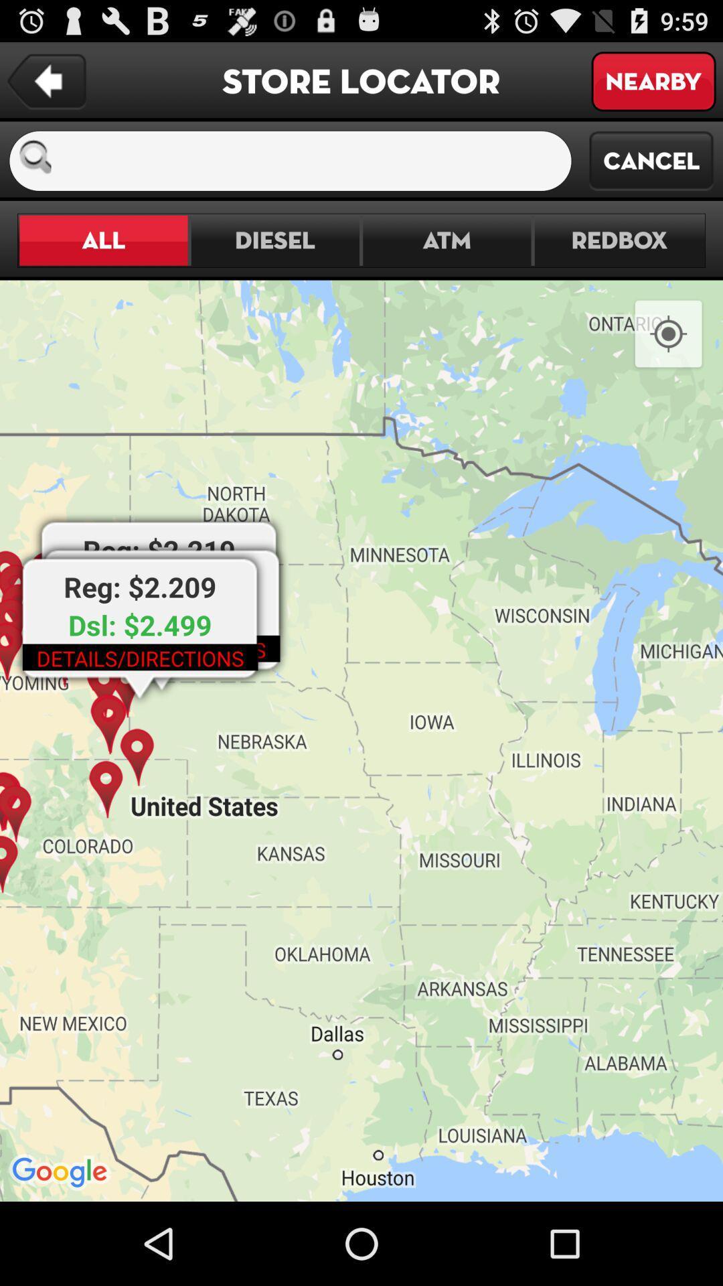  Describe the element at coordinates (653, 80) in the screenshot. I see `icon to the right of store locator icon` at that location.